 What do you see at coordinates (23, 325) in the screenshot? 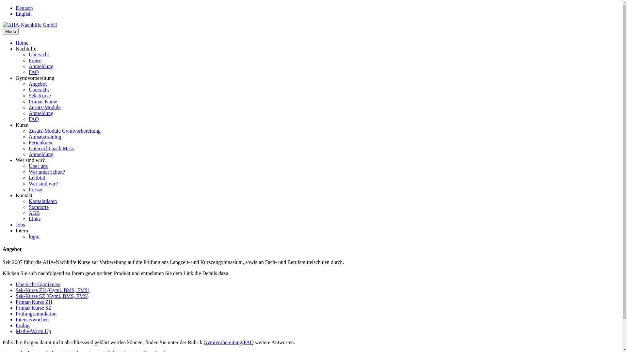
I see `'Prolog'` at bounding box center [23, 325].